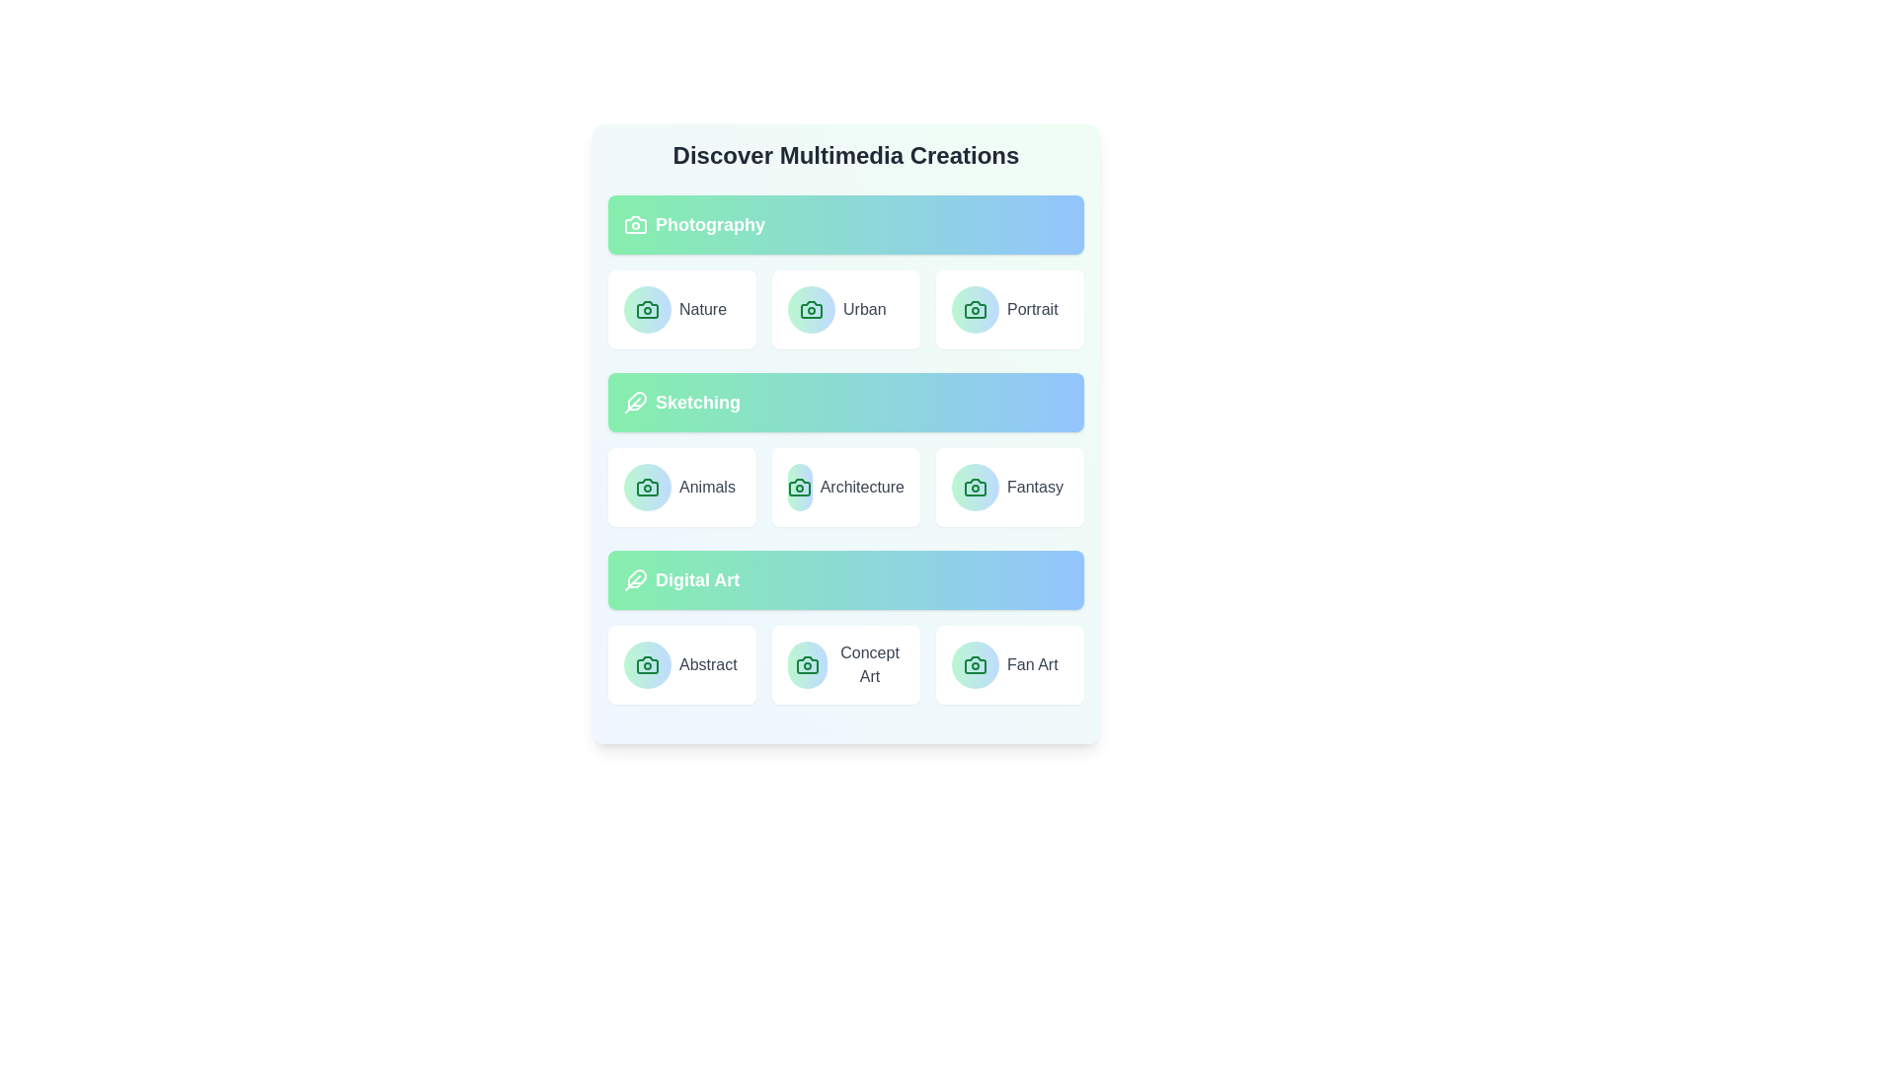 The height and width of the screenshot is (1066, 1896). Describe the element at coordinates (682, 665) in the screenshot. I see `the item Abstract within the category Digital Art` at that location.